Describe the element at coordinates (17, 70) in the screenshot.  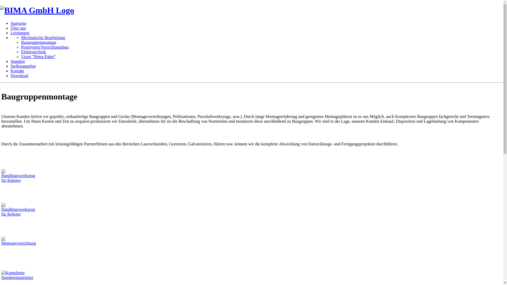
I see `'Kontakt'` at that location.